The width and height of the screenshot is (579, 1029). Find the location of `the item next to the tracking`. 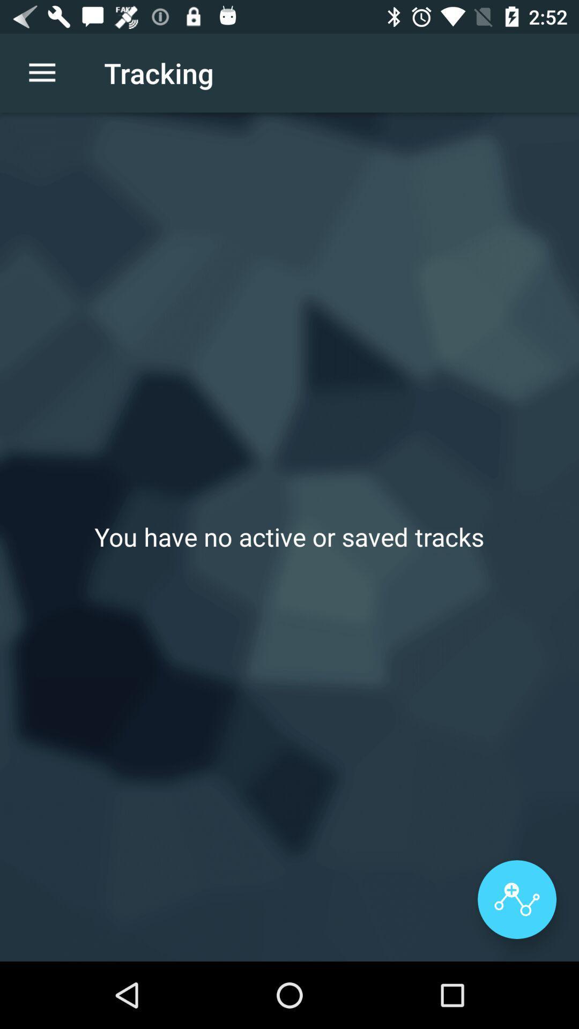

the item next to the tracking is located at coordinates (41, 72).